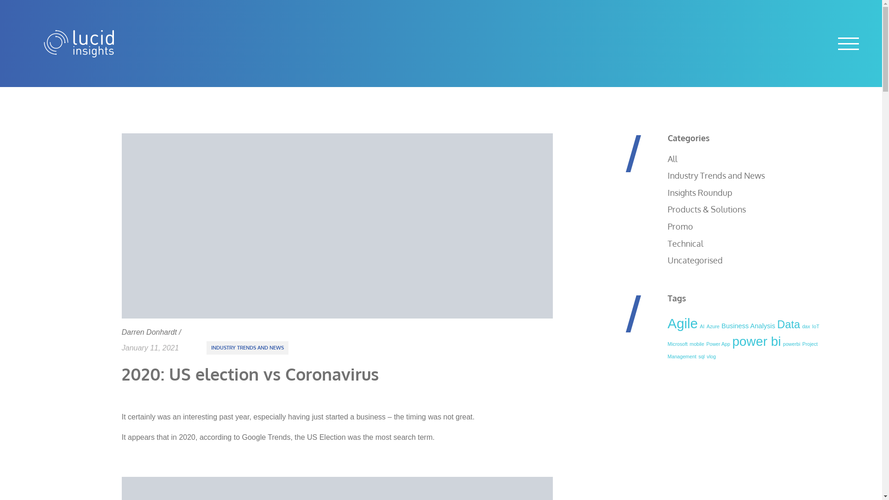 The width and height of the screenshot is (889, 500). I want to click on 'Promo', so click(680, 226).